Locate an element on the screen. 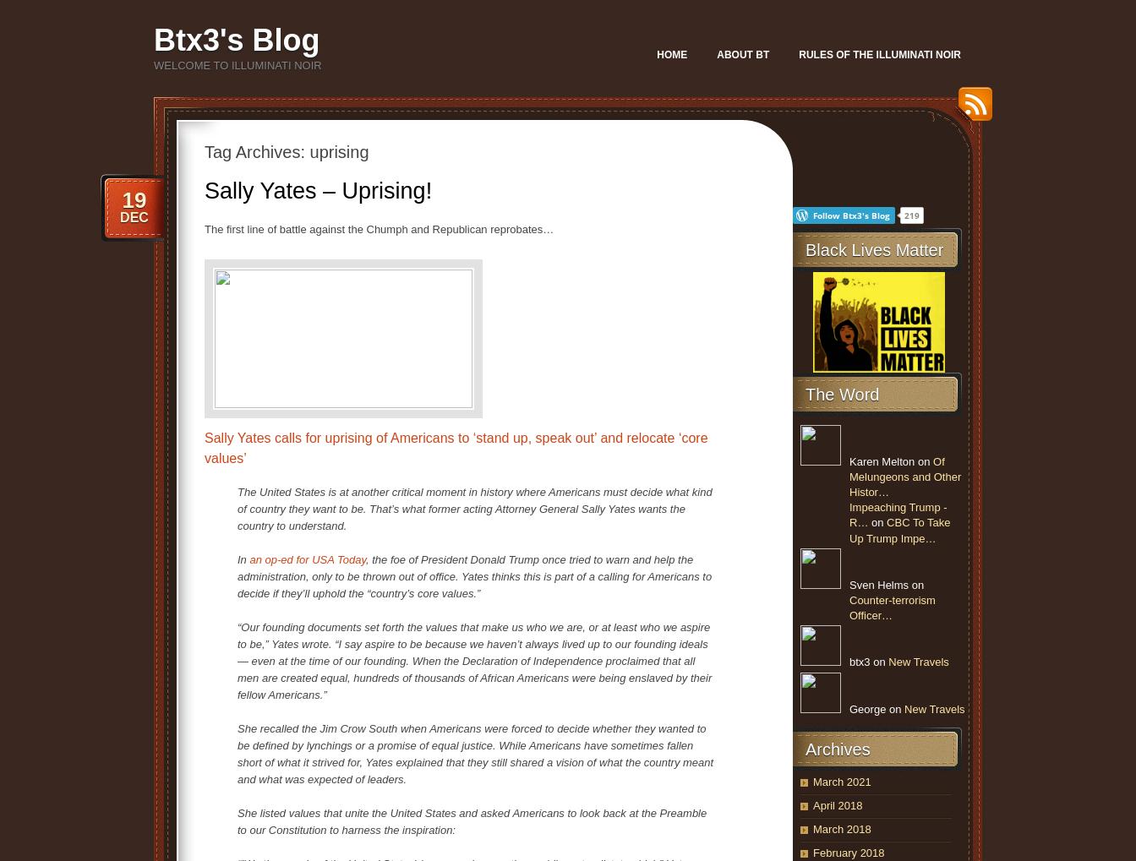  'Archives' is located at coordinates (838, 749).